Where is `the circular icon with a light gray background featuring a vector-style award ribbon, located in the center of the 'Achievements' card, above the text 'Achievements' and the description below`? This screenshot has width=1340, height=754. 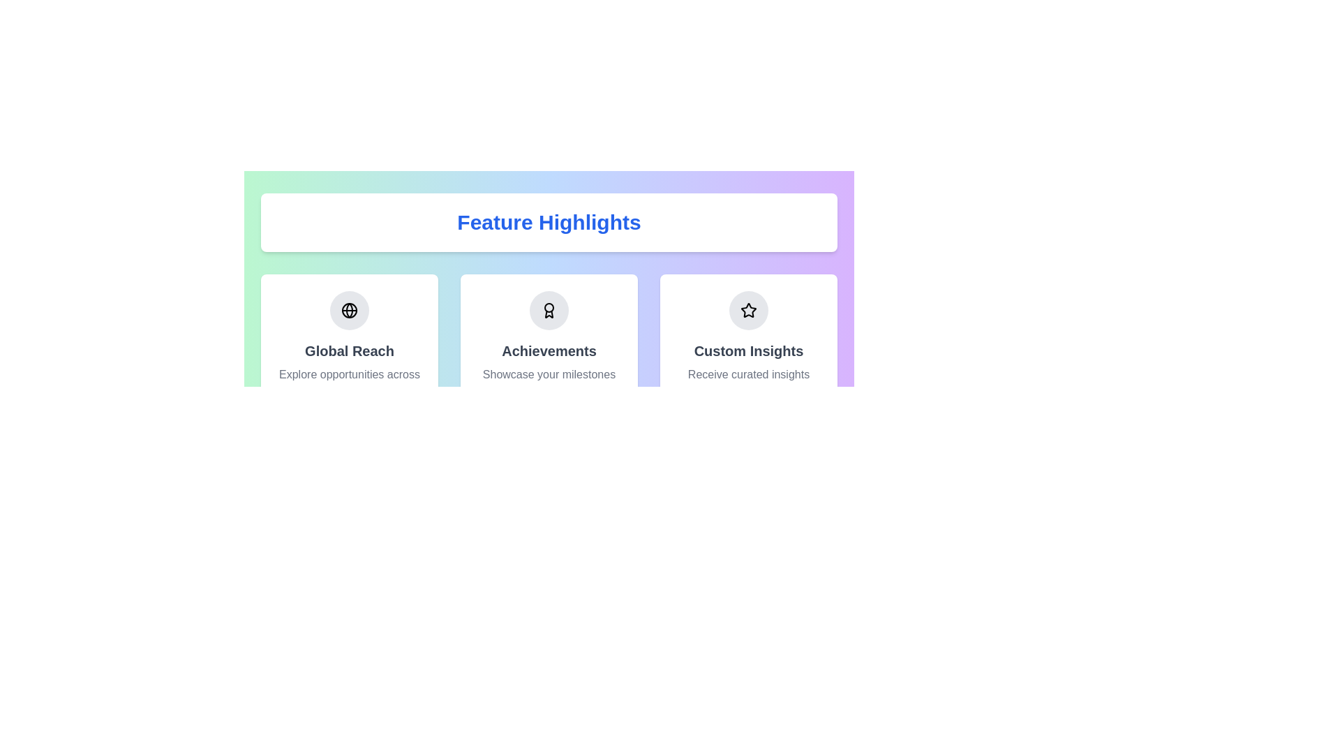 the circular icon with a light gray background featuring a vector-style award ribbon, located in the center of the 'Achievements' card, above the text 'Achievements' and the description below is located at coordinates (549, 309).